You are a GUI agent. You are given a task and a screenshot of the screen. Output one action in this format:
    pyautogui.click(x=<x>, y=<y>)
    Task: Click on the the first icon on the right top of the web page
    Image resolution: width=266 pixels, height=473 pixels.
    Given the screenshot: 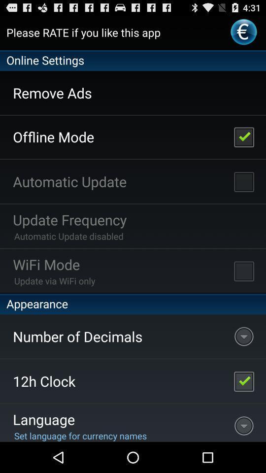 What is the action you would take?
    pyautogui.click(x=243, y=32)
    